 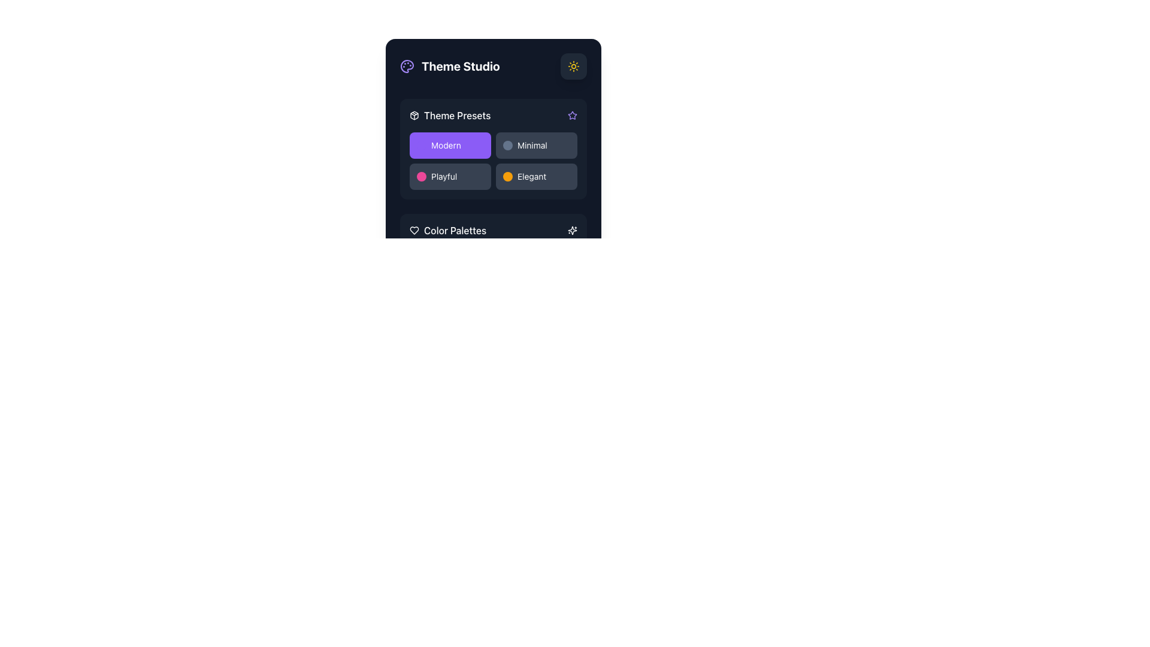 I want to click on the small cube or package icon located to the left of the text 'Theme Presets' in the top-left corner of the 'Theme Presets' section as a reference, so click(x=414, y=115).